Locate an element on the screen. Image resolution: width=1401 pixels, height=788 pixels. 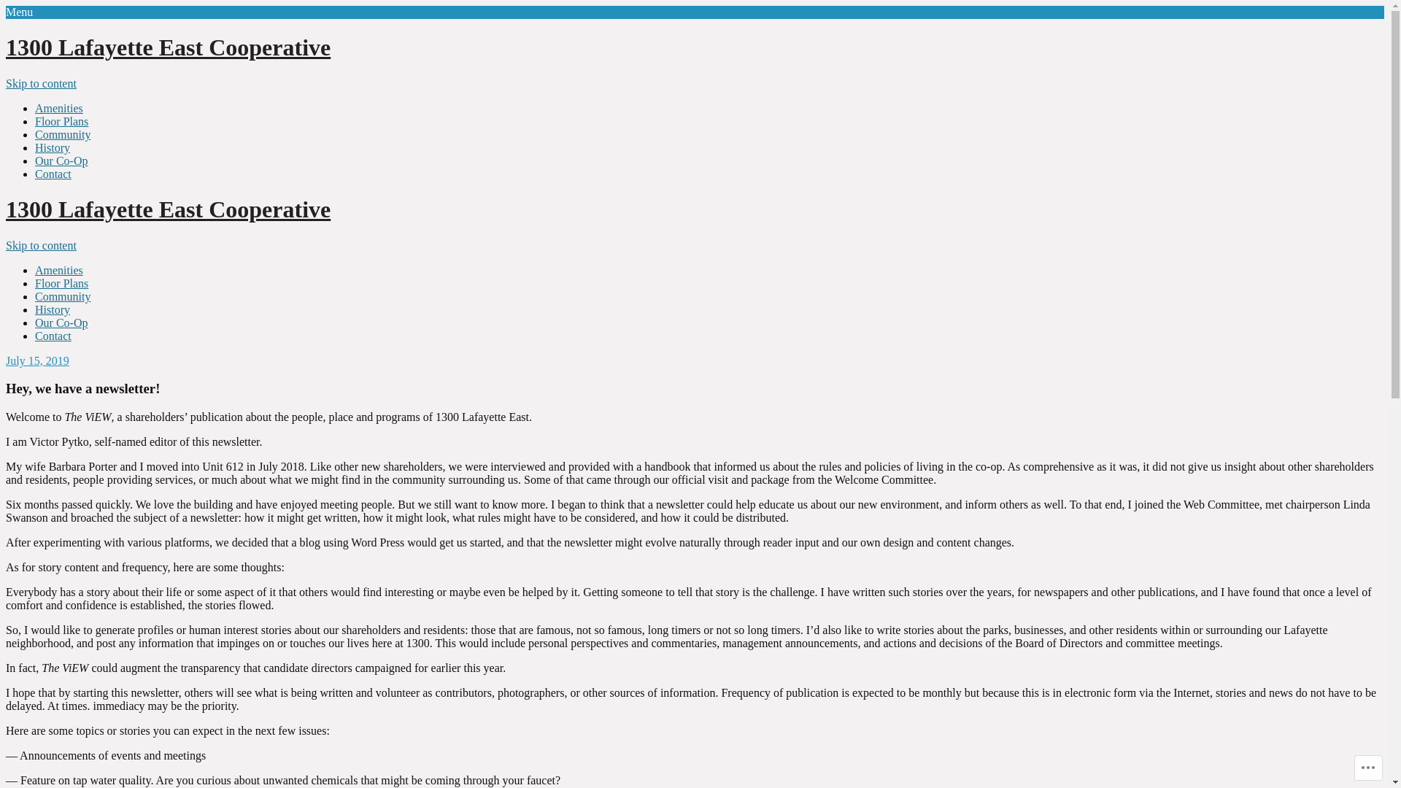
'Amenities' is located at coordinates (58, 107).